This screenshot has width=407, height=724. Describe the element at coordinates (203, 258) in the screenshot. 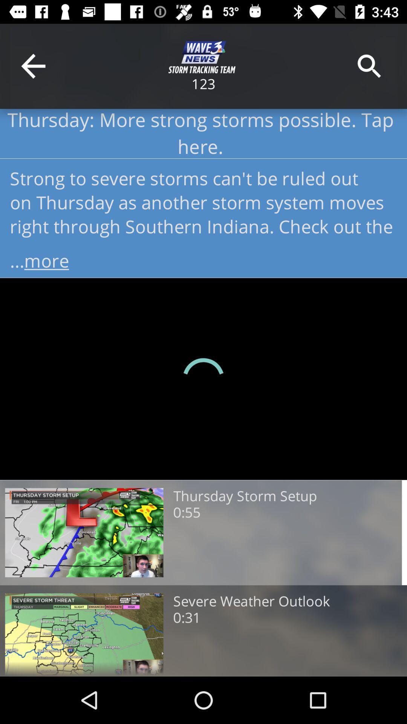

I see `the item below strong to severe` at that location.